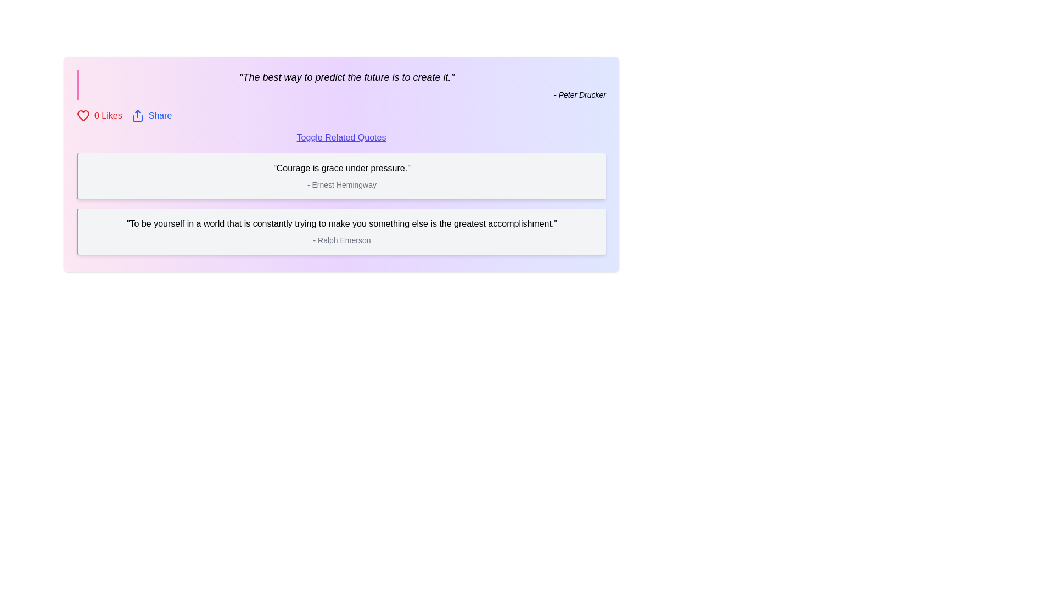 The image size is (1054, 593). Describe the element at coordinates (341, 137) in the screenshot. I see `the hyperlink that toggles the visibility of related quotes in the interface` at that location.